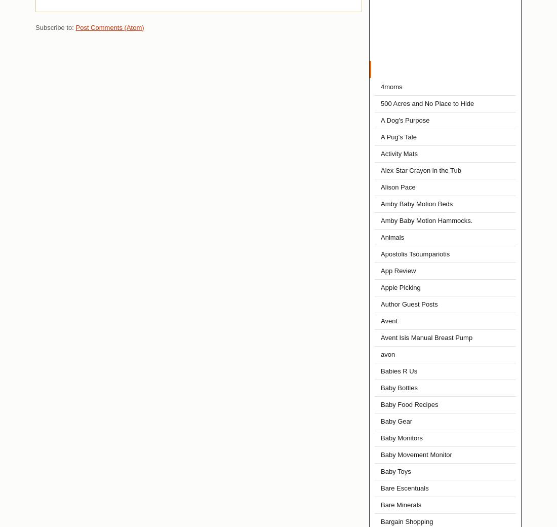 The height and width of the screenshot is (527, 557). What do you see at coordinates (387, 69) in the screenshot?
I see `'Labels'` at bounding box center [387, 69].